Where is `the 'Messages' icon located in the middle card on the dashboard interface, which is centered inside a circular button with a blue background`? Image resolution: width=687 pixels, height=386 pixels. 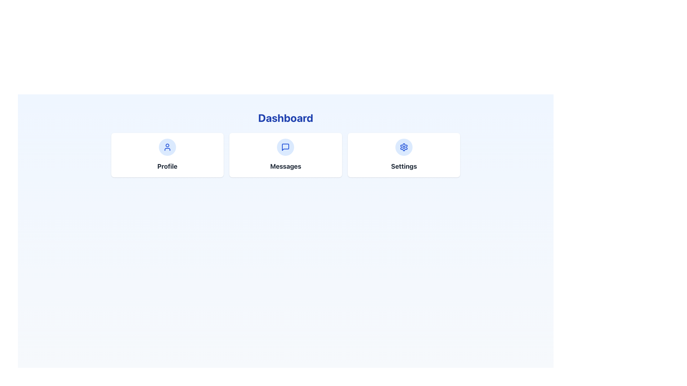
the 'Messages' icon located in the middle card on the dashboard interface, which is centered inside a circular button with a blue background is located at coordinates (285, 147).